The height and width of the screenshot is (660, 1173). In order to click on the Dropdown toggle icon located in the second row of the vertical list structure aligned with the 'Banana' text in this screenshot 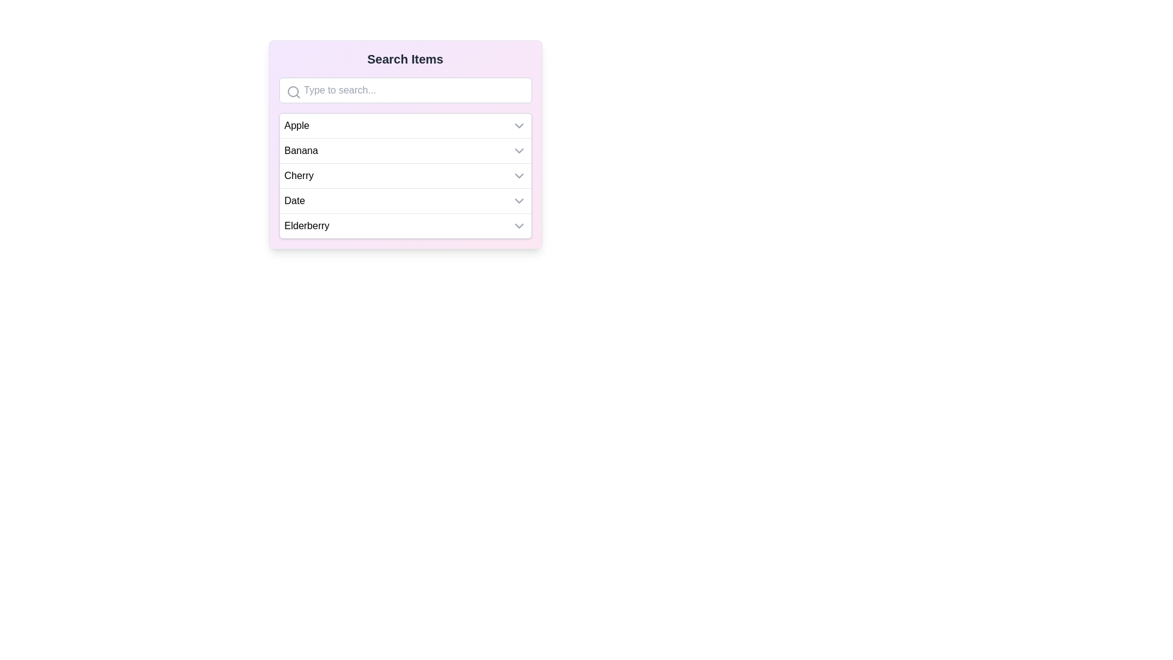, I will do `click(519, 150)`.